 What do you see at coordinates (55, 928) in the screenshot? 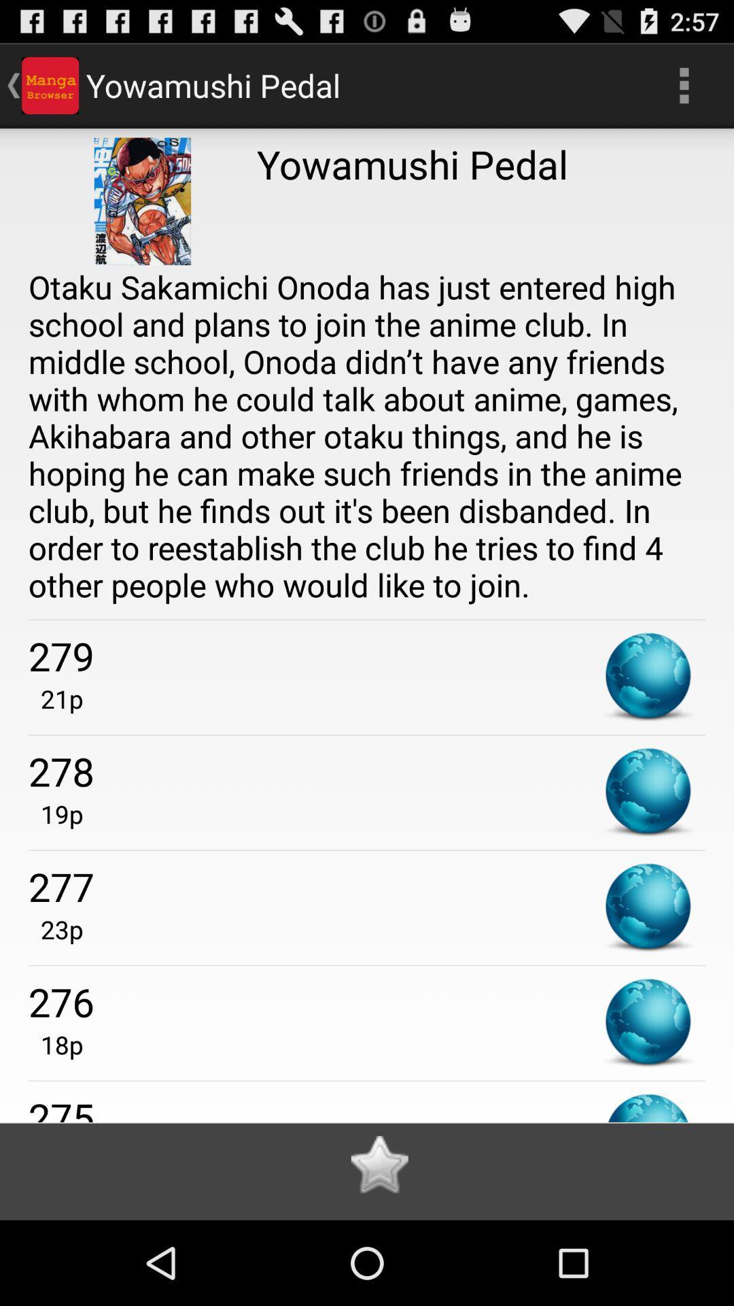
I see `item below the 277 app` at bounding box center [55, 928].